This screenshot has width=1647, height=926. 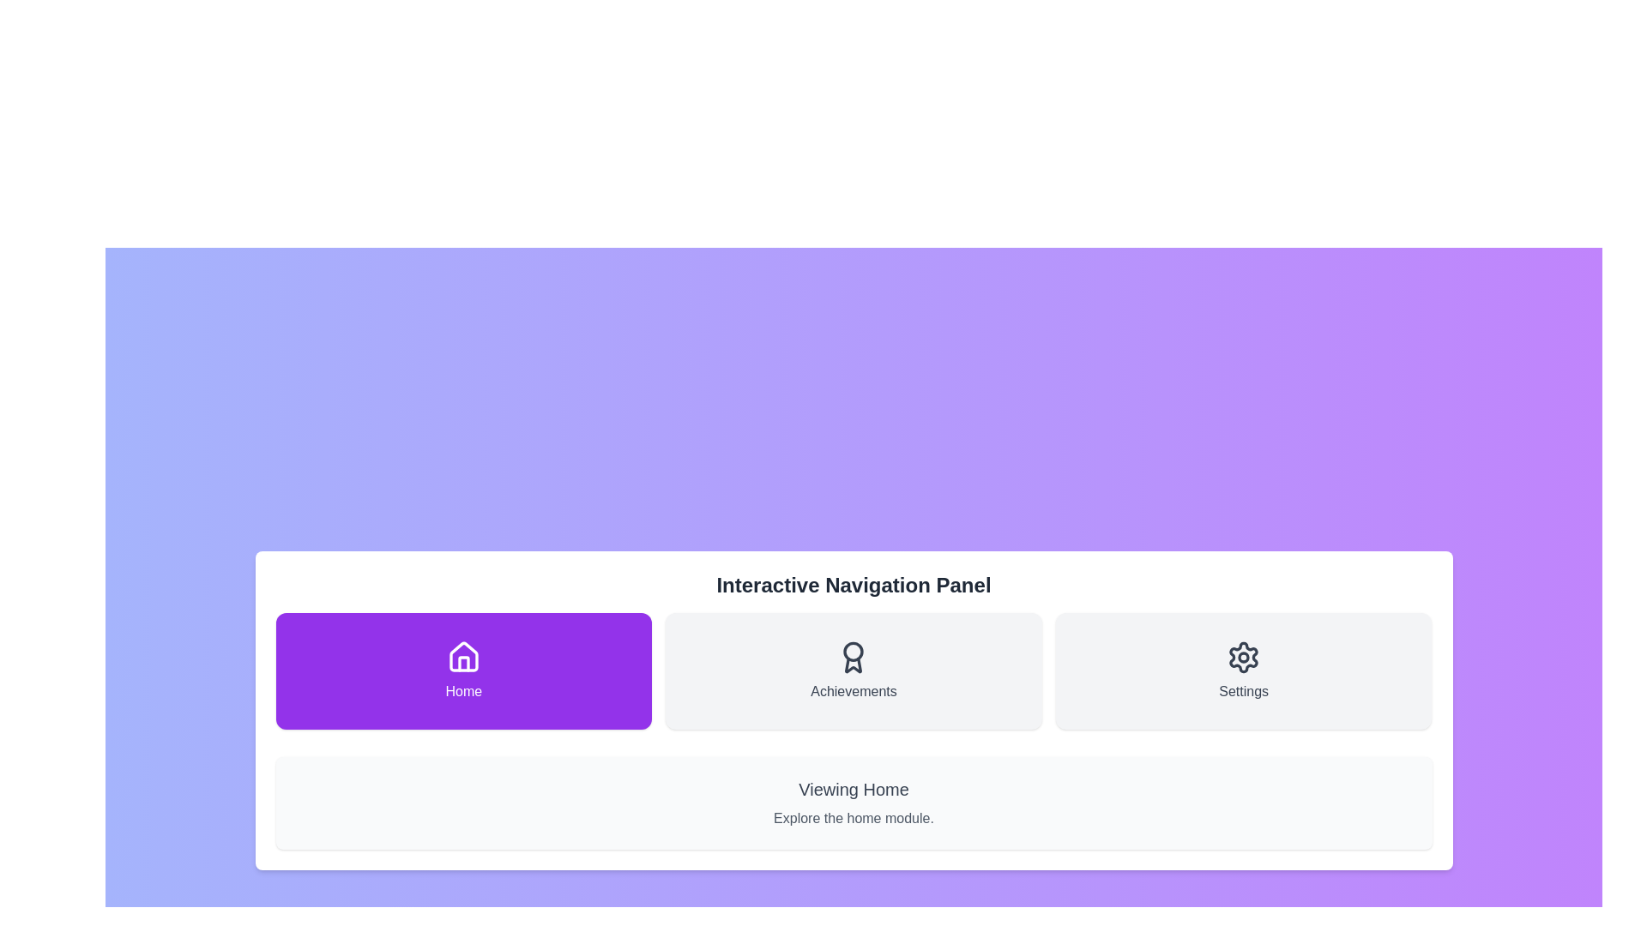 I want to click on the purple button labeled 'Home' with a house icon, so click(x=463, y=670).